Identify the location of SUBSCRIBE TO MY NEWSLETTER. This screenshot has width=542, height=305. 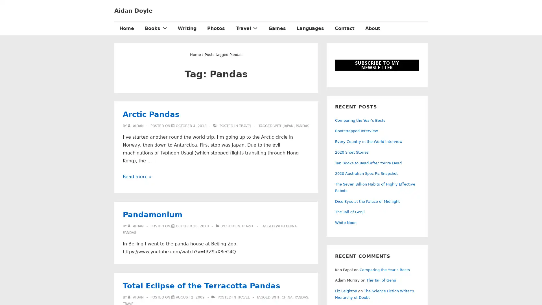
(377, 65).